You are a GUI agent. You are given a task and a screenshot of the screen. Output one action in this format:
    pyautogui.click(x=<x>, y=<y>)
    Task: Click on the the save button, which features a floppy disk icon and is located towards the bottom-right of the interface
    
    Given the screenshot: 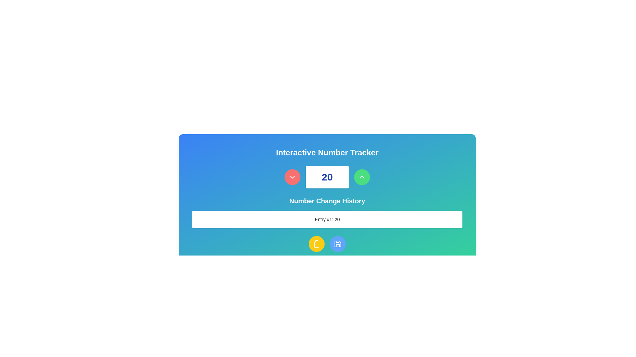 What is the action you would take?
    pyautogui.click(x=338, y=244)
    